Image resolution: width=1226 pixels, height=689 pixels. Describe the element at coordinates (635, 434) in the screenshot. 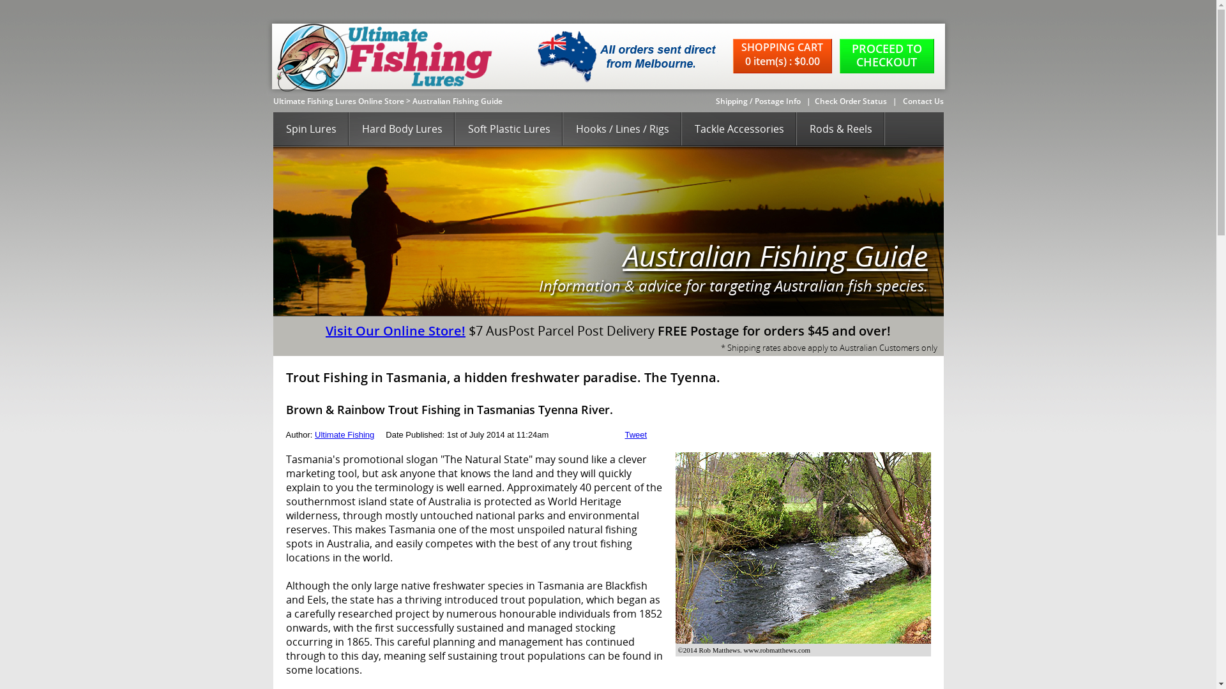

I see `'Tweet'` at that location.